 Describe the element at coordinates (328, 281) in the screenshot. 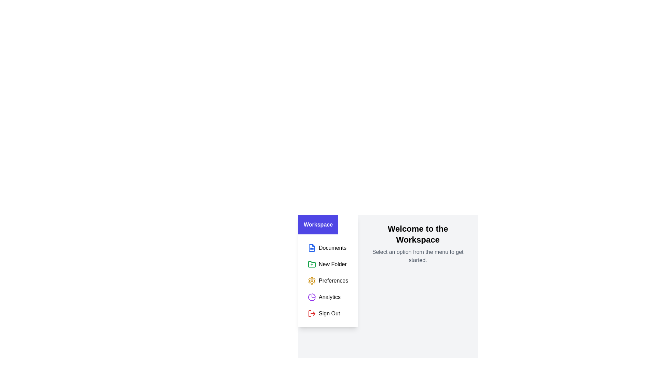

I see `the menu item corresponding to Preferences` at that location.